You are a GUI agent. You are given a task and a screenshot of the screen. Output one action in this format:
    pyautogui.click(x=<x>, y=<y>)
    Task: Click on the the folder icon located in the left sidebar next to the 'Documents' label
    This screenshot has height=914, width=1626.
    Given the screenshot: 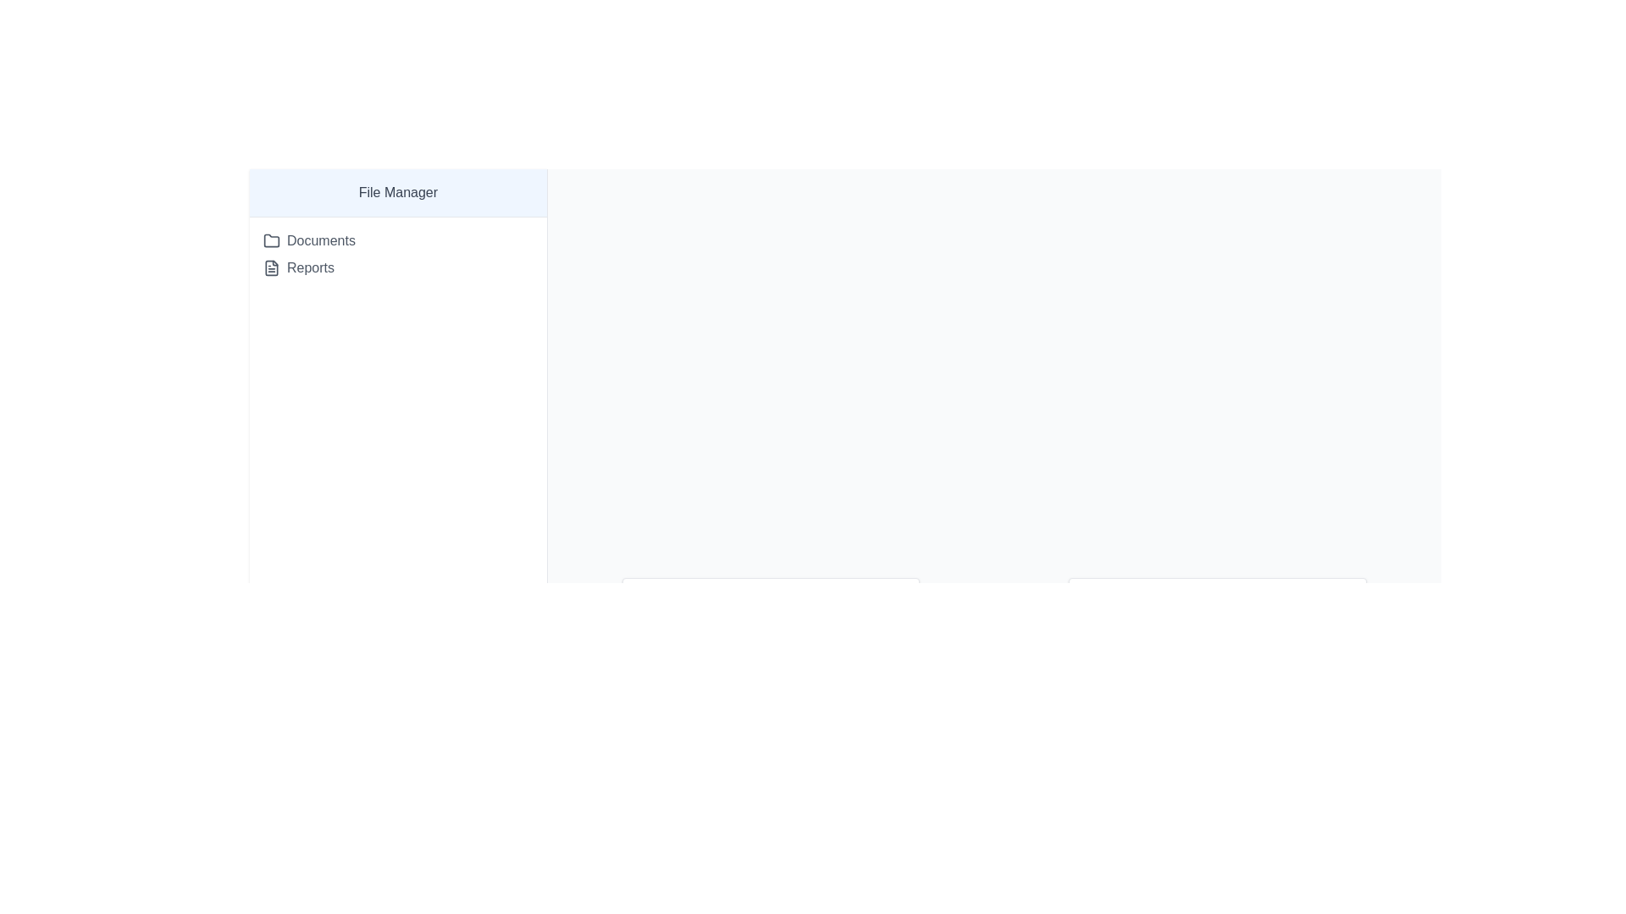 What is the action you would take?
    pyautogui.click(x=272, y=241)
    